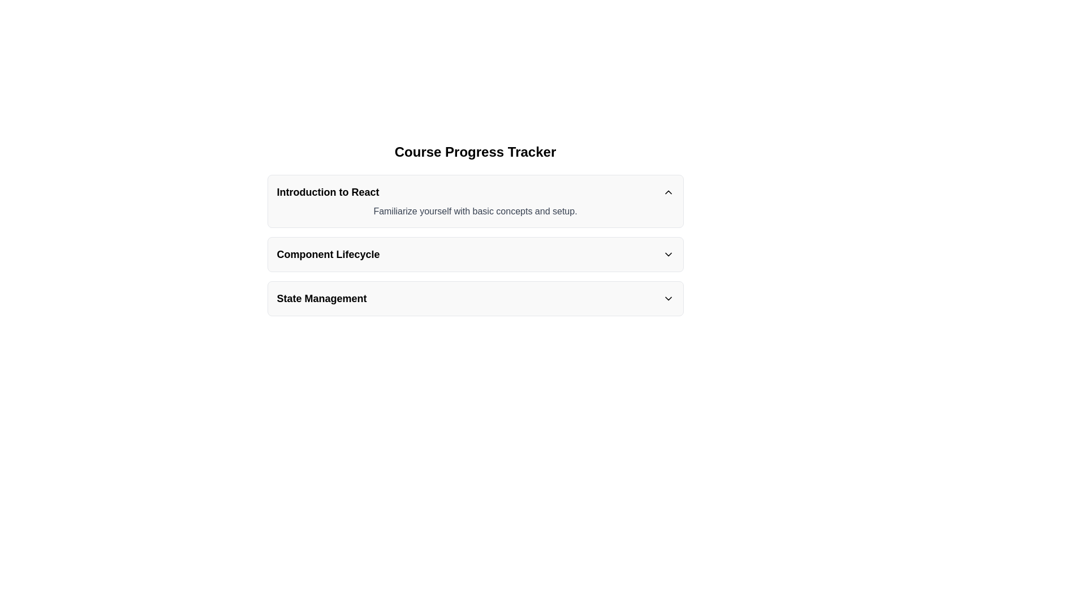 This screenshot has height=611, width=1086. Describe the element at coordinates (668, 191) in the screenshot. I see `the chevron arrow icon located on the right side of the 'Introduction to React' section` at that location.